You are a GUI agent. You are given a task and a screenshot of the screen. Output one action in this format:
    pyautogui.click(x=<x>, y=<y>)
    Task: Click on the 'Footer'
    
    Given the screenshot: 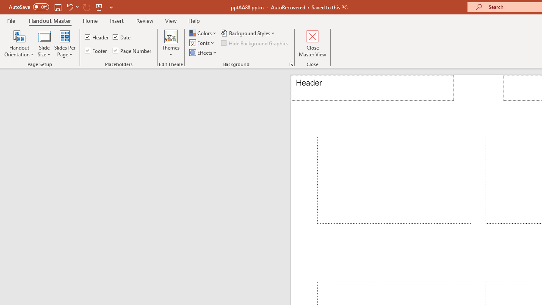 What is the action you would take?
    pyautogui.click(x=96, y=50)
    